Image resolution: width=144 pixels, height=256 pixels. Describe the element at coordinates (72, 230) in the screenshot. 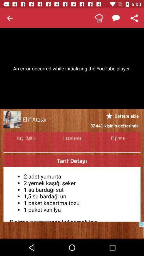

I see `it is a link to an adversiter not shown` at that location.